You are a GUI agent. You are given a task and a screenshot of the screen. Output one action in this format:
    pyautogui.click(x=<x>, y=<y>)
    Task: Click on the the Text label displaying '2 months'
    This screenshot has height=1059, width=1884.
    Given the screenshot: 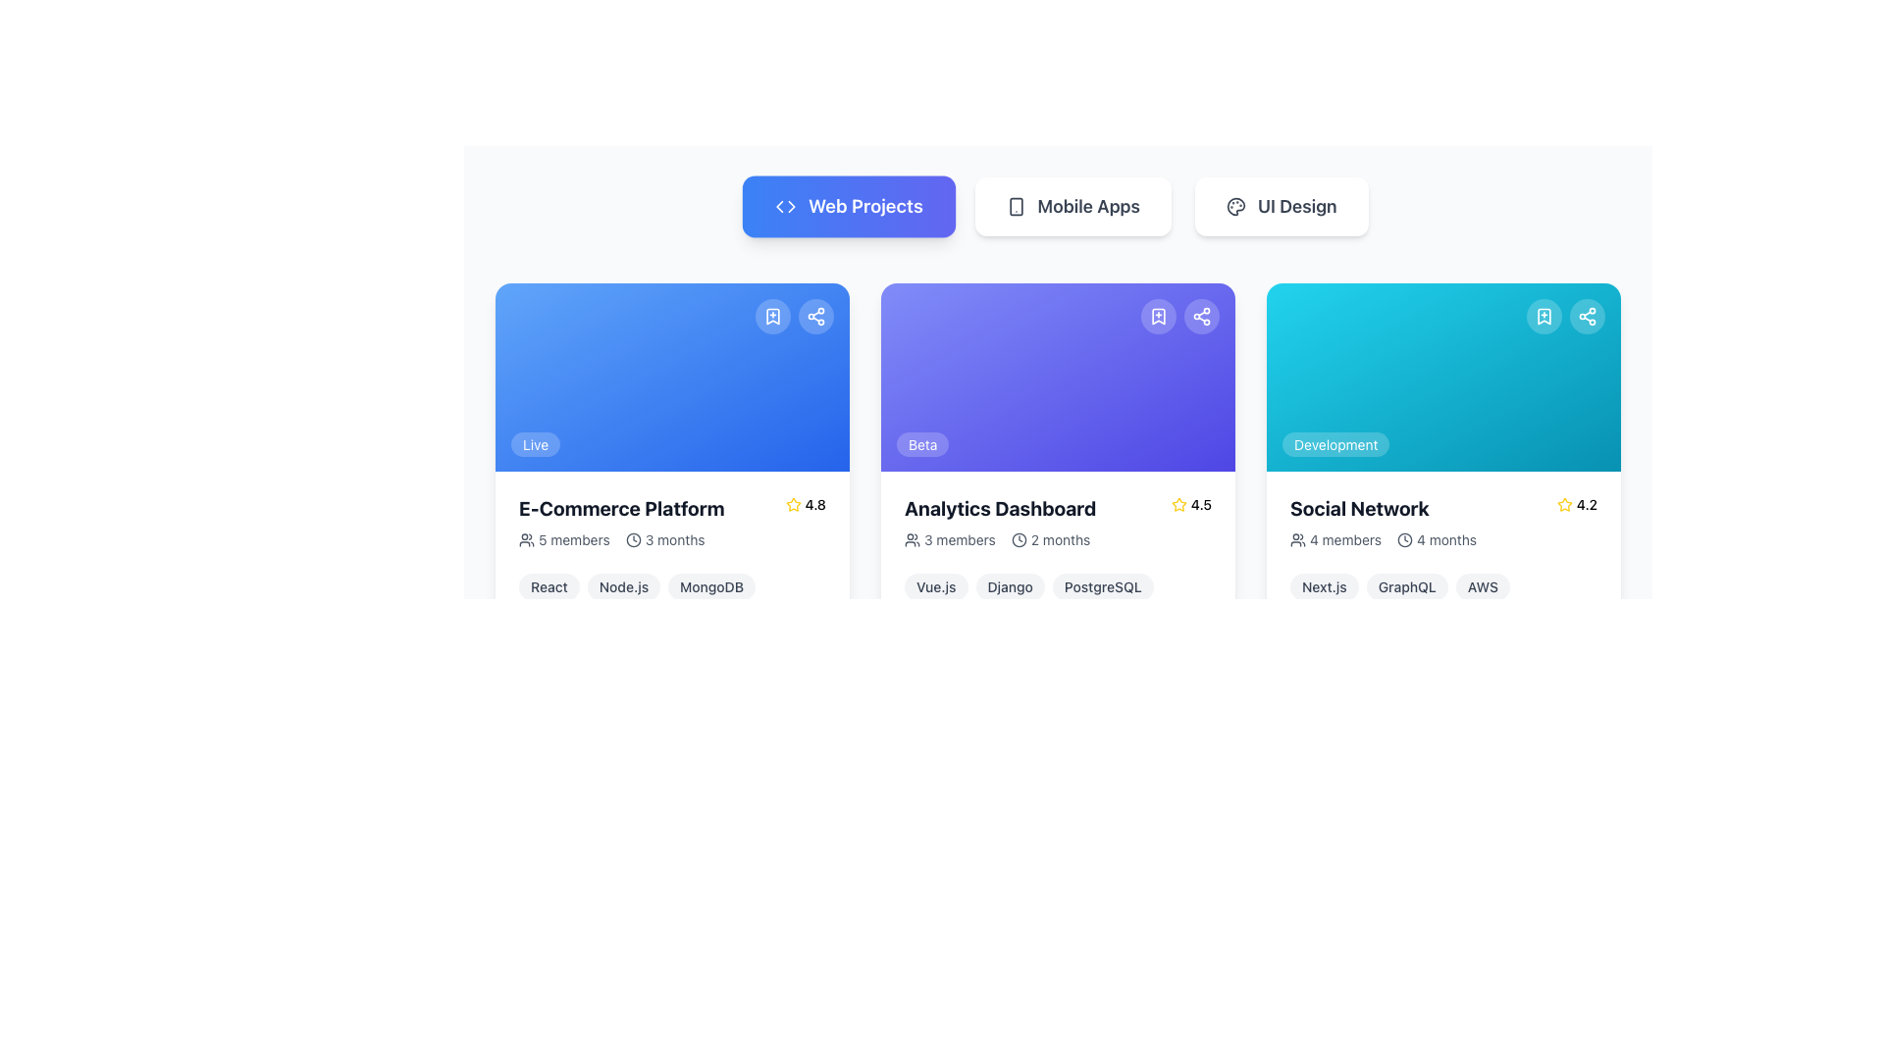 What is the action you would take?
    pyautogui.click(x=1060, y=540)
    